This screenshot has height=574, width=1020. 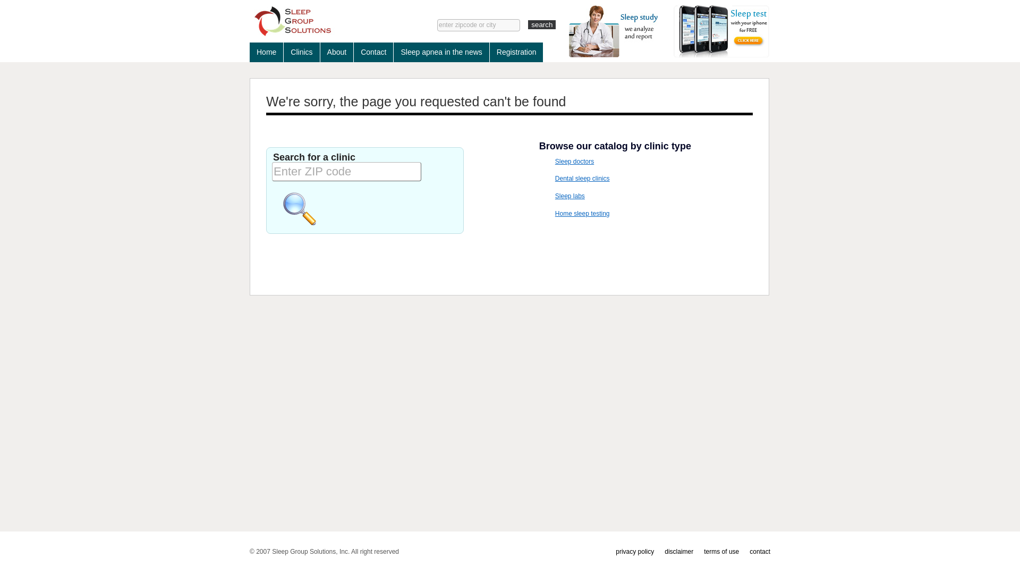 What do you see at coordinates (301, 52) in the screenshot?
I see `'Clinics'` at bounding box center [301, 52].